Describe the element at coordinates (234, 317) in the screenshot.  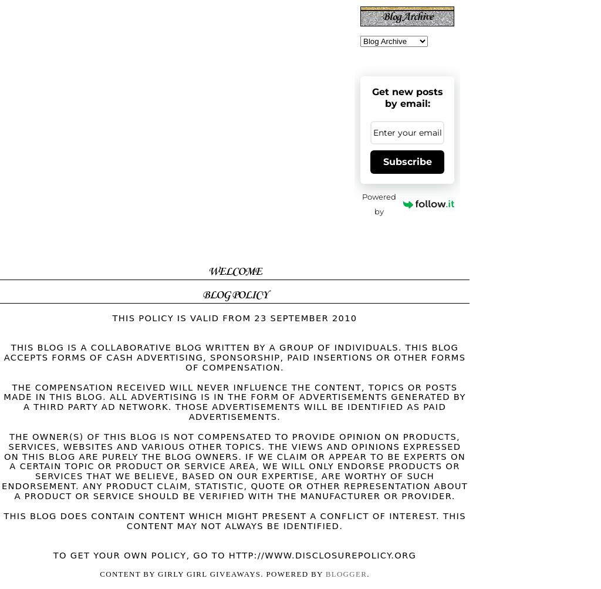
I see `'This policy is valid from 23 September 2010'` at that location.